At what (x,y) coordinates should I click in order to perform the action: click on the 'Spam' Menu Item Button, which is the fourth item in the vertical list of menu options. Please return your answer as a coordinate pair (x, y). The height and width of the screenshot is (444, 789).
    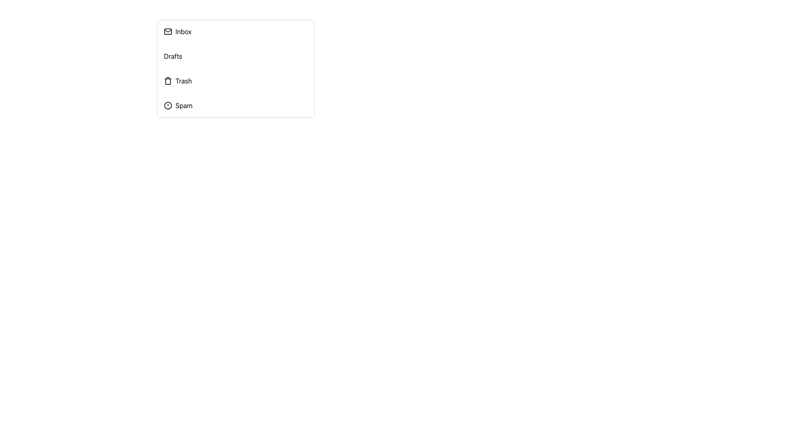
    Looking at the image, I should click on (235, 105).